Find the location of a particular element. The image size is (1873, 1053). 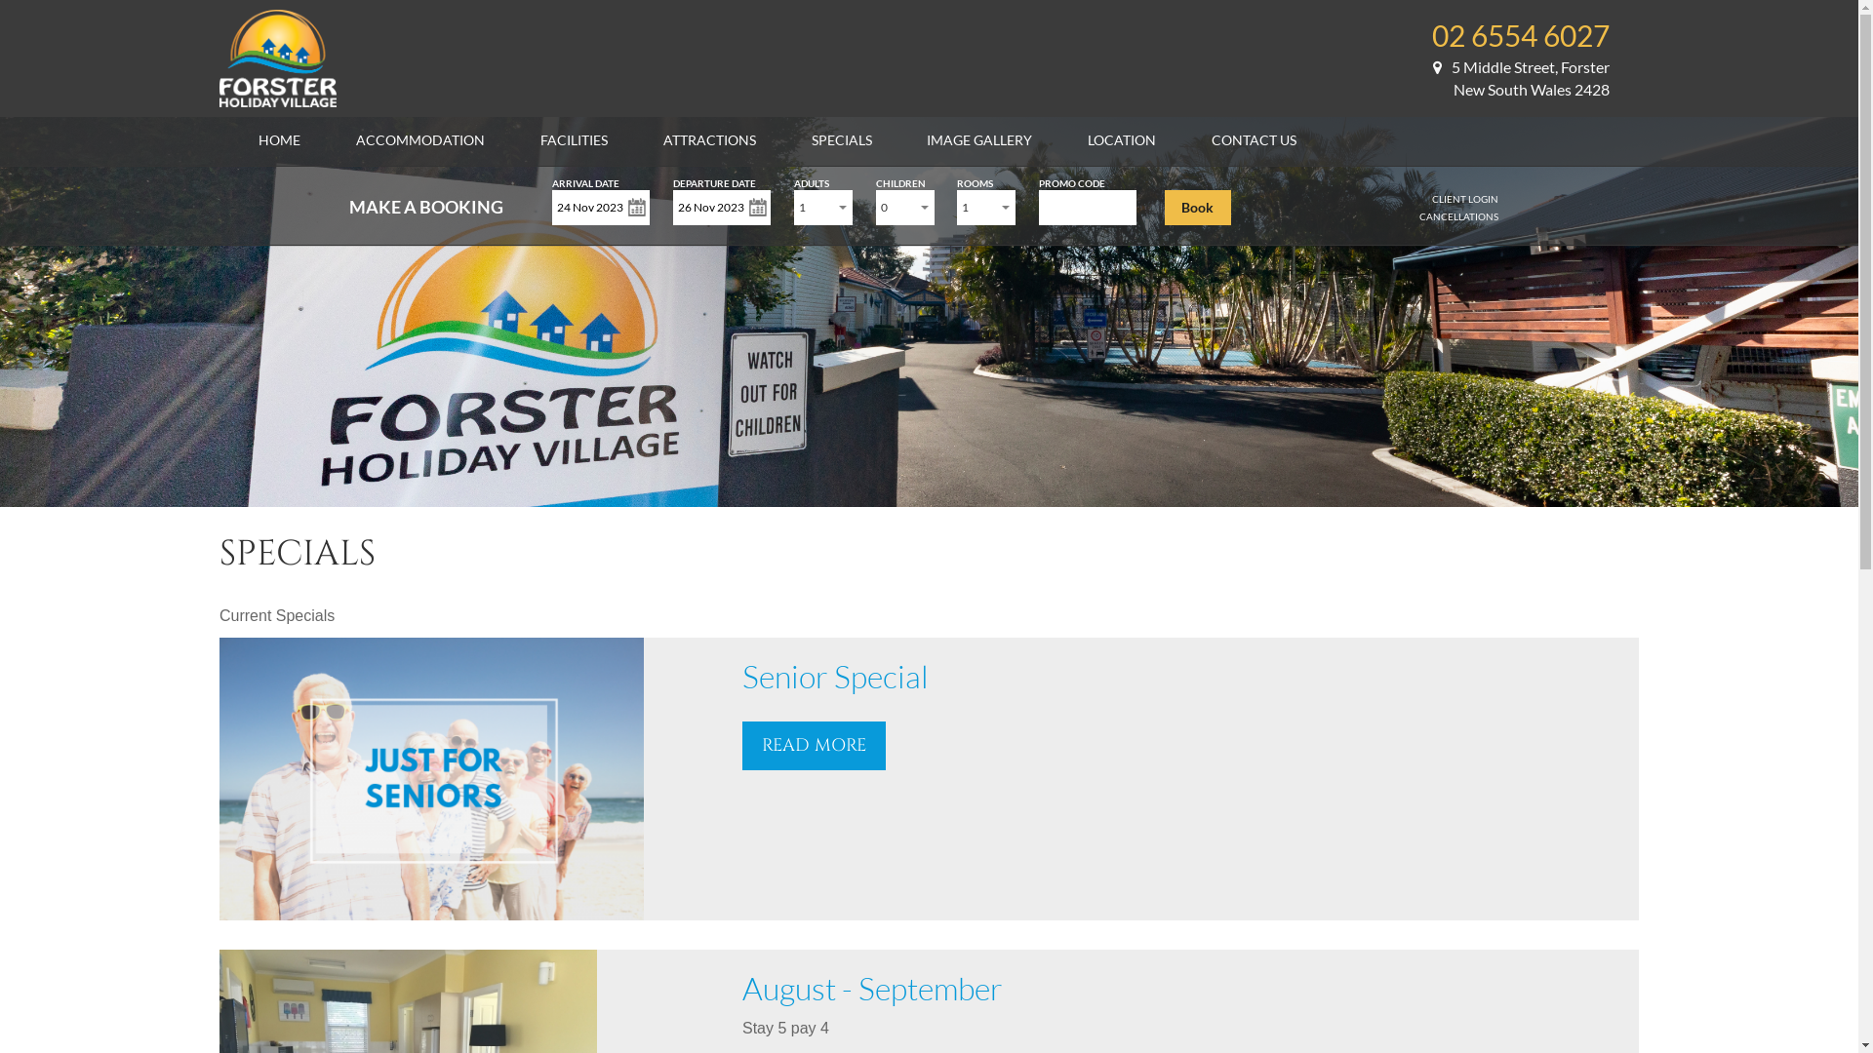

'SPECIALS' is located at coordinates (811, 138).